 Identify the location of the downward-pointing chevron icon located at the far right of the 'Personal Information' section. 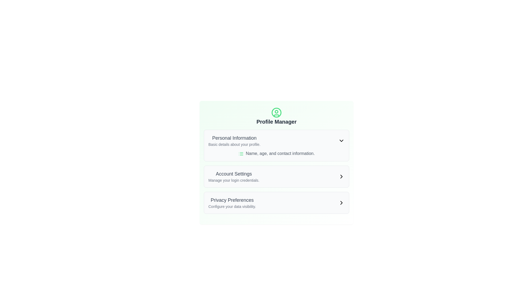
(341, 140).